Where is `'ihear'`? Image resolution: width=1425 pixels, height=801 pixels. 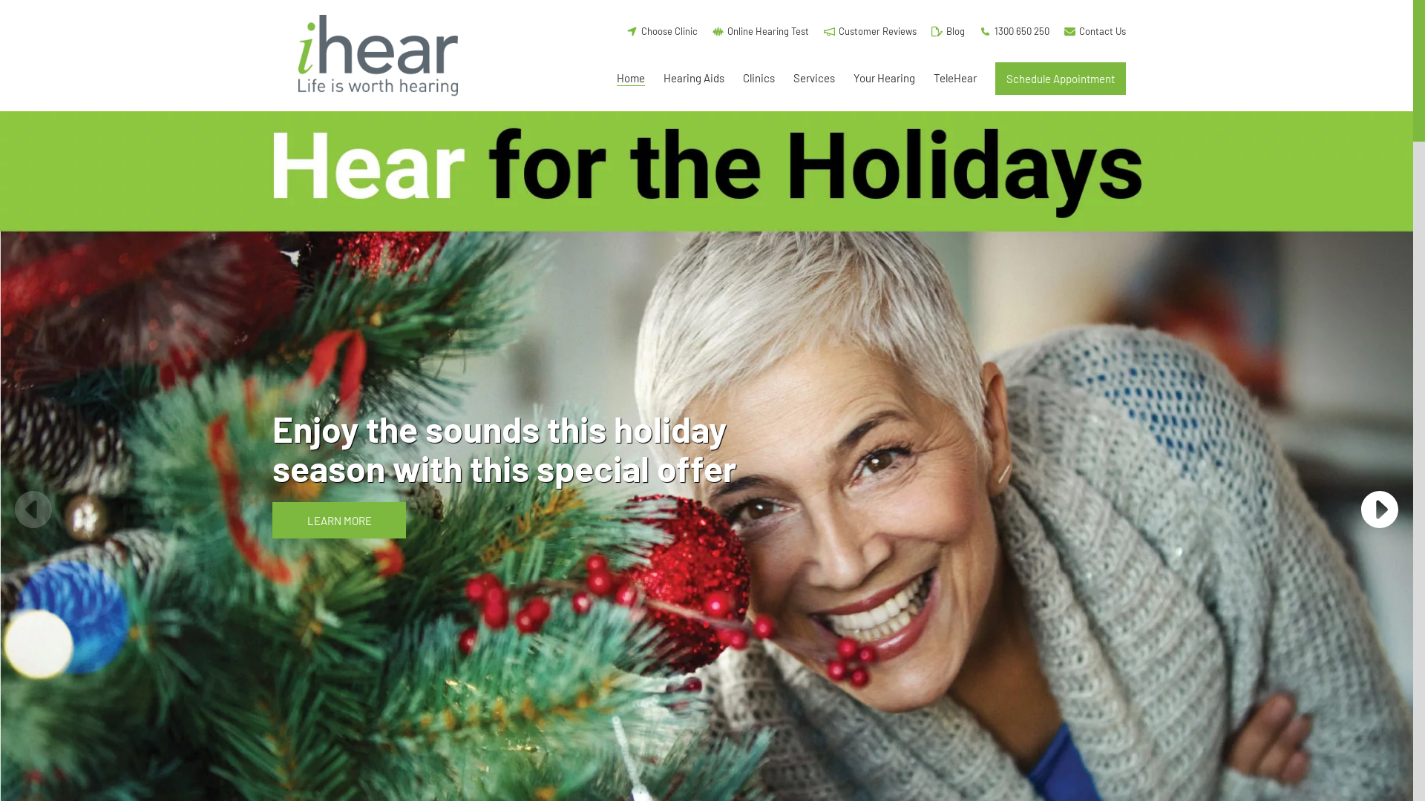 'ihear' is located at coordinates (284, 54).